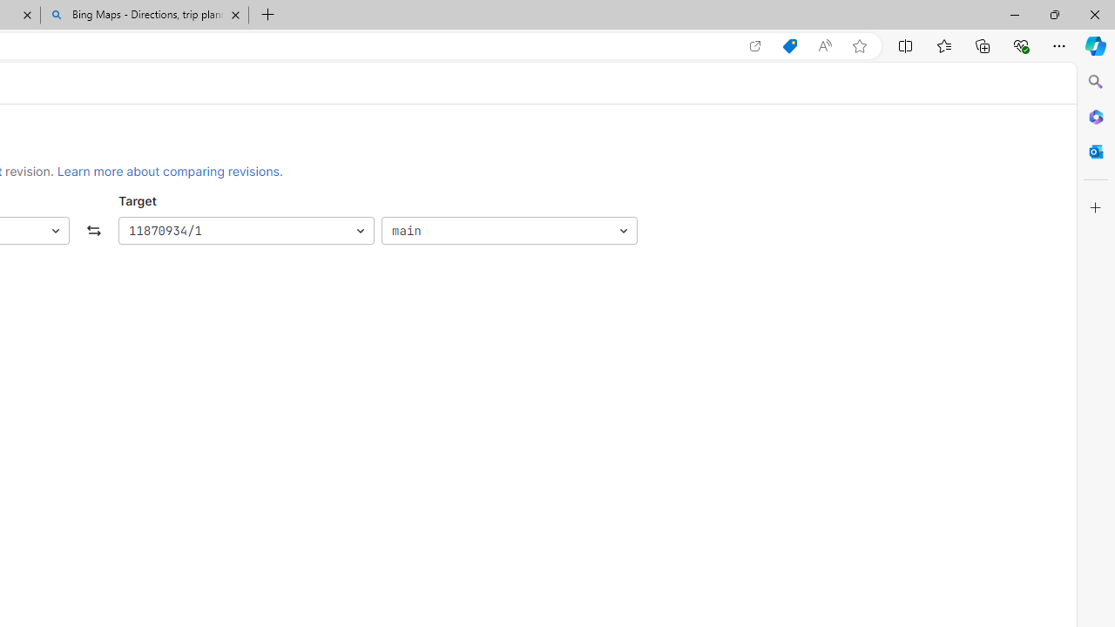 The image size is (1115, 627). Describe the element at coordinates (755, 45) in the screenshot. I see `'Open in app'` at that location.